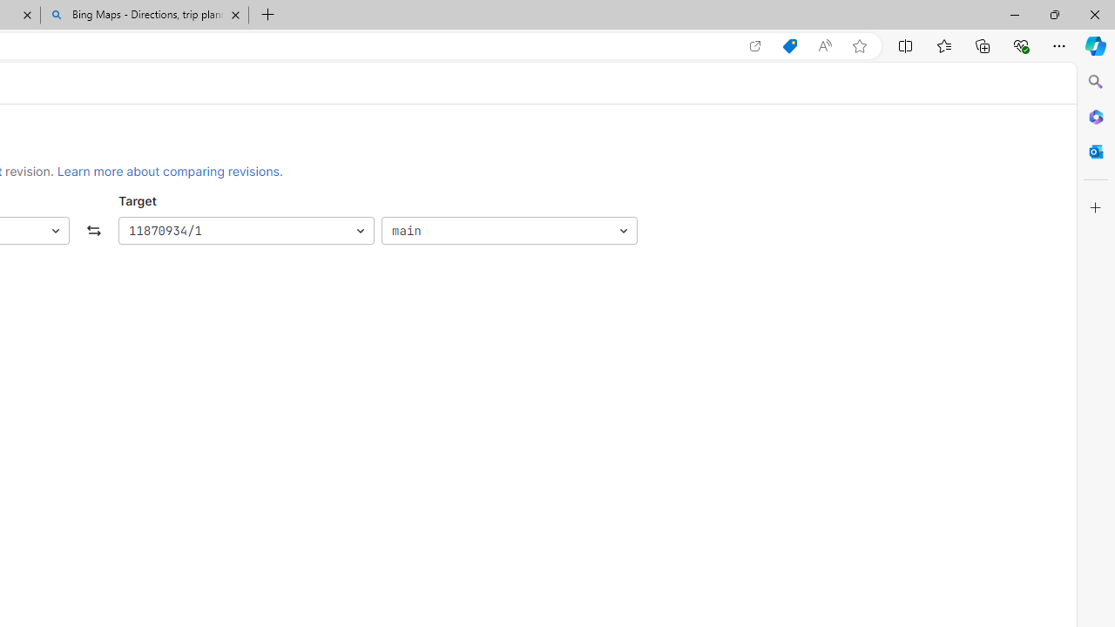 The image size is (1115, 627). Describe the element at coordinates (755, 45) in the screenshot. I see `'Open in app'` at that location.